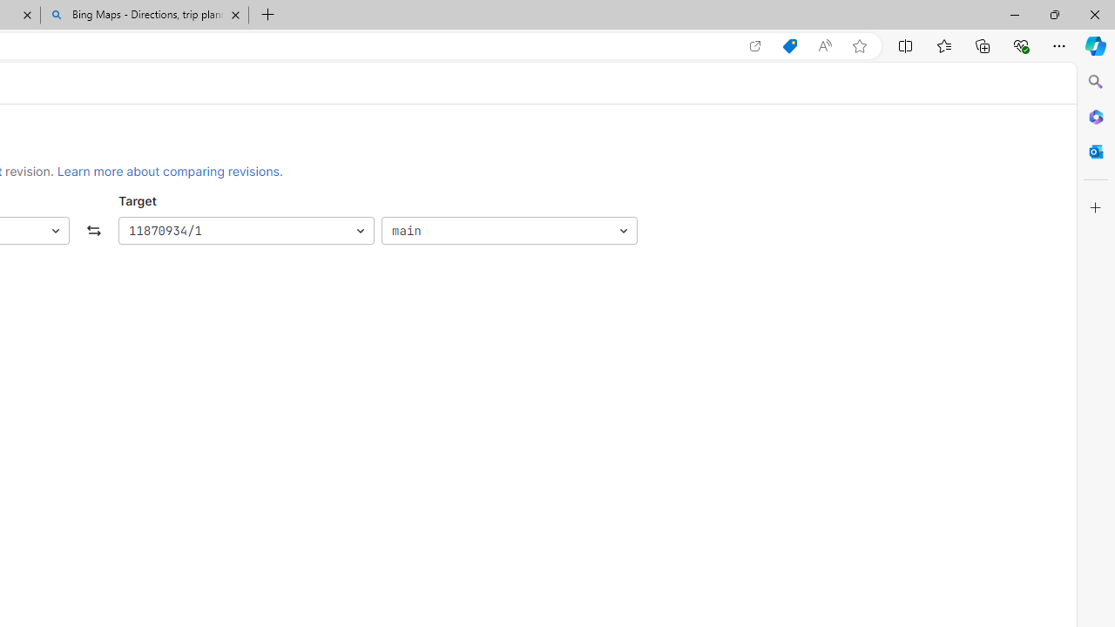 The image size is (1115, 627). Describe the element at coordinates (755, 45) in the screenshot. I see `'Open in app'` at that location.